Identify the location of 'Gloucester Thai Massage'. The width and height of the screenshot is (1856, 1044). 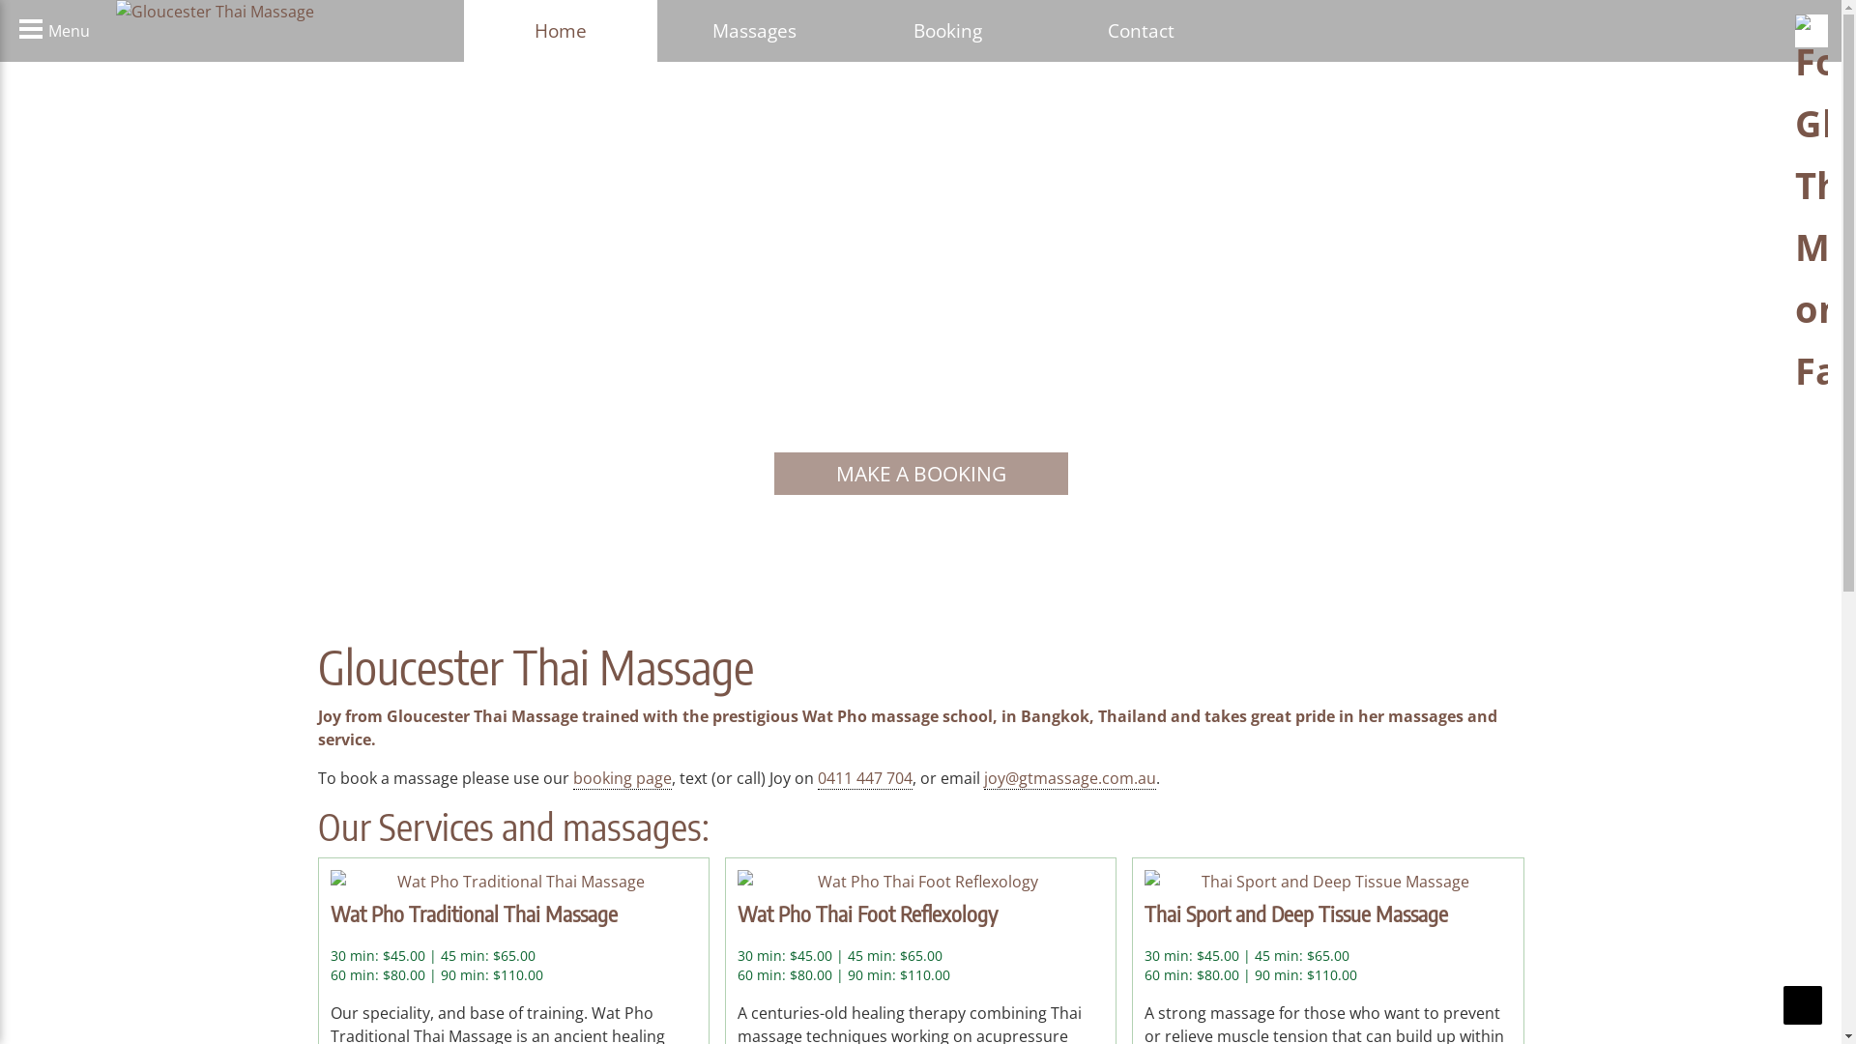
(269, 11).